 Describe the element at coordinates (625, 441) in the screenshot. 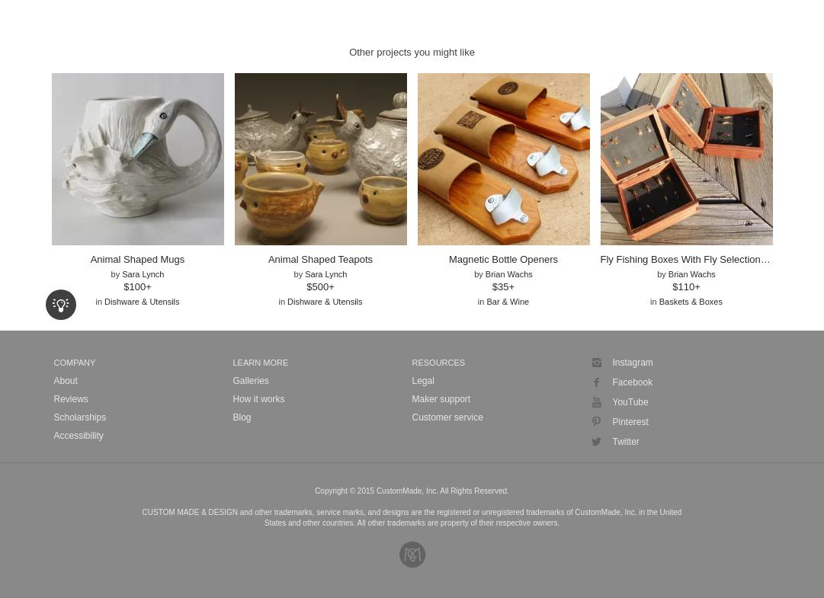

I see `'Twitter'` at that location.